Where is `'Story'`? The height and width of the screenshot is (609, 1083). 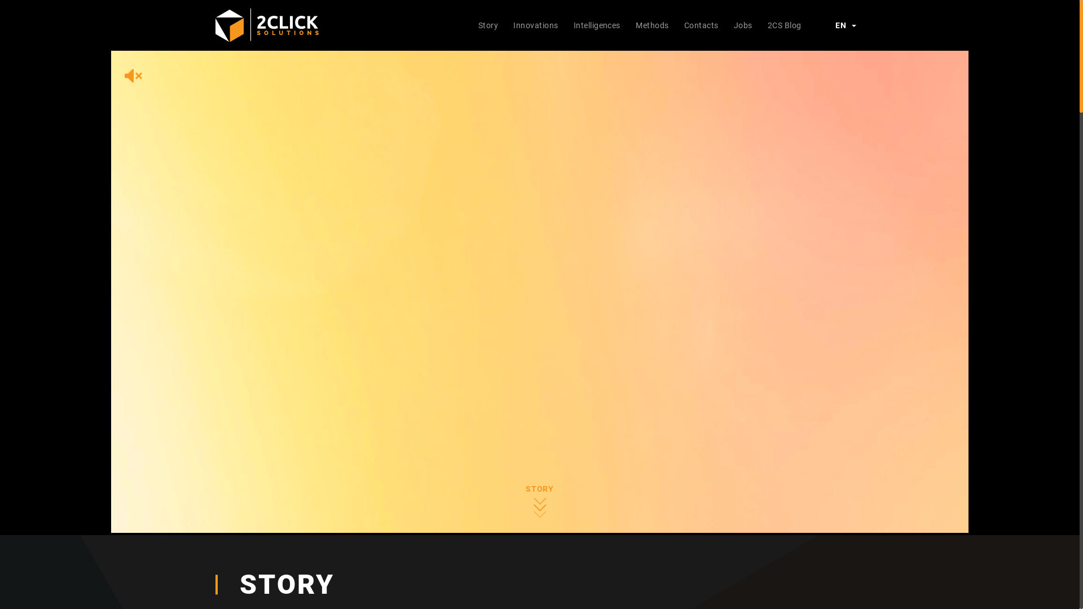 'Story' is located at coordinates (488, 25).